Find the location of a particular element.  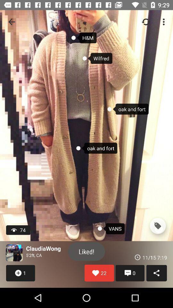

the avatar icon is located at coordinates (14, 253).